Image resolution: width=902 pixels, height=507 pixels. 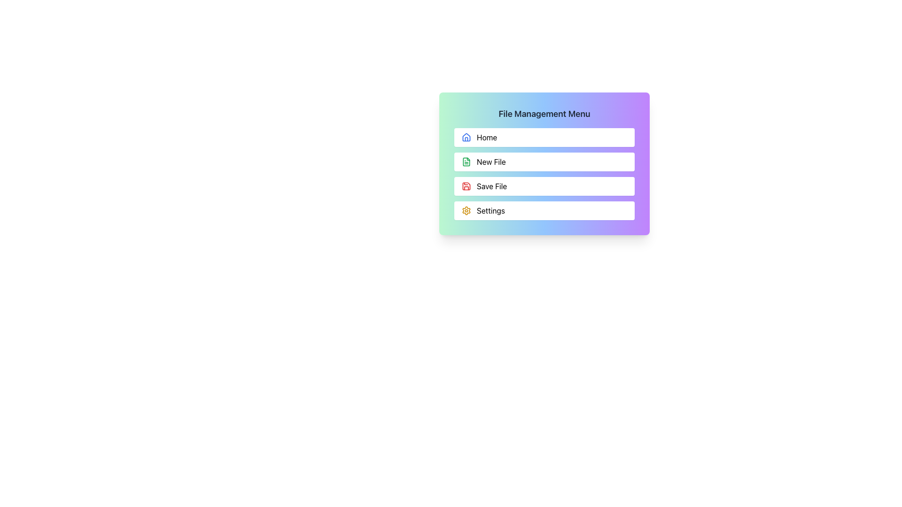 I want to click on the 'New File' button located in the 'File Management Menu' to create a new file, so click(x=544, y=161).